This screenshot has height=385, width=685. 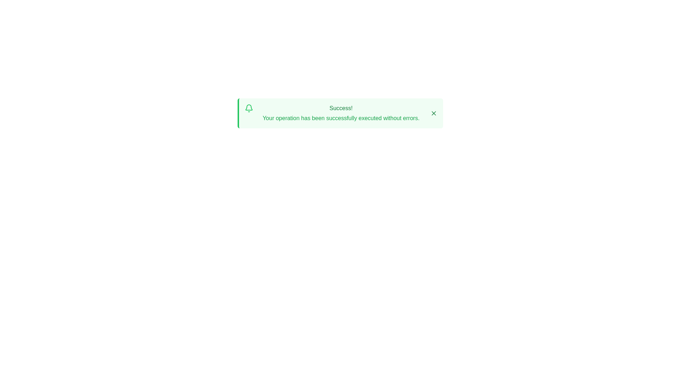 I want to click on the close button to close the alert, so click(x=433, y=113).